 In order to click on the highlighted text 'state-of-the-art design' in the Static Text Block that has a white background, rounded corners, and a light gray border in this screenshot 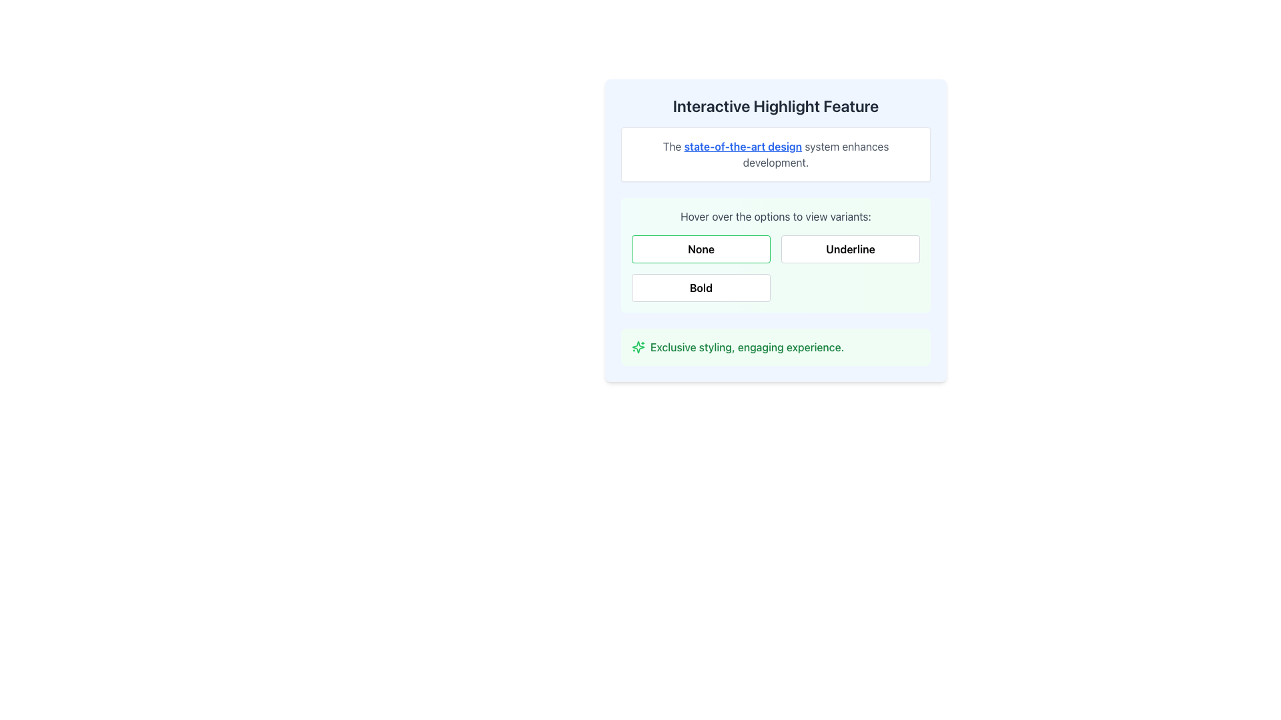, I will do `click(775, 153)`.